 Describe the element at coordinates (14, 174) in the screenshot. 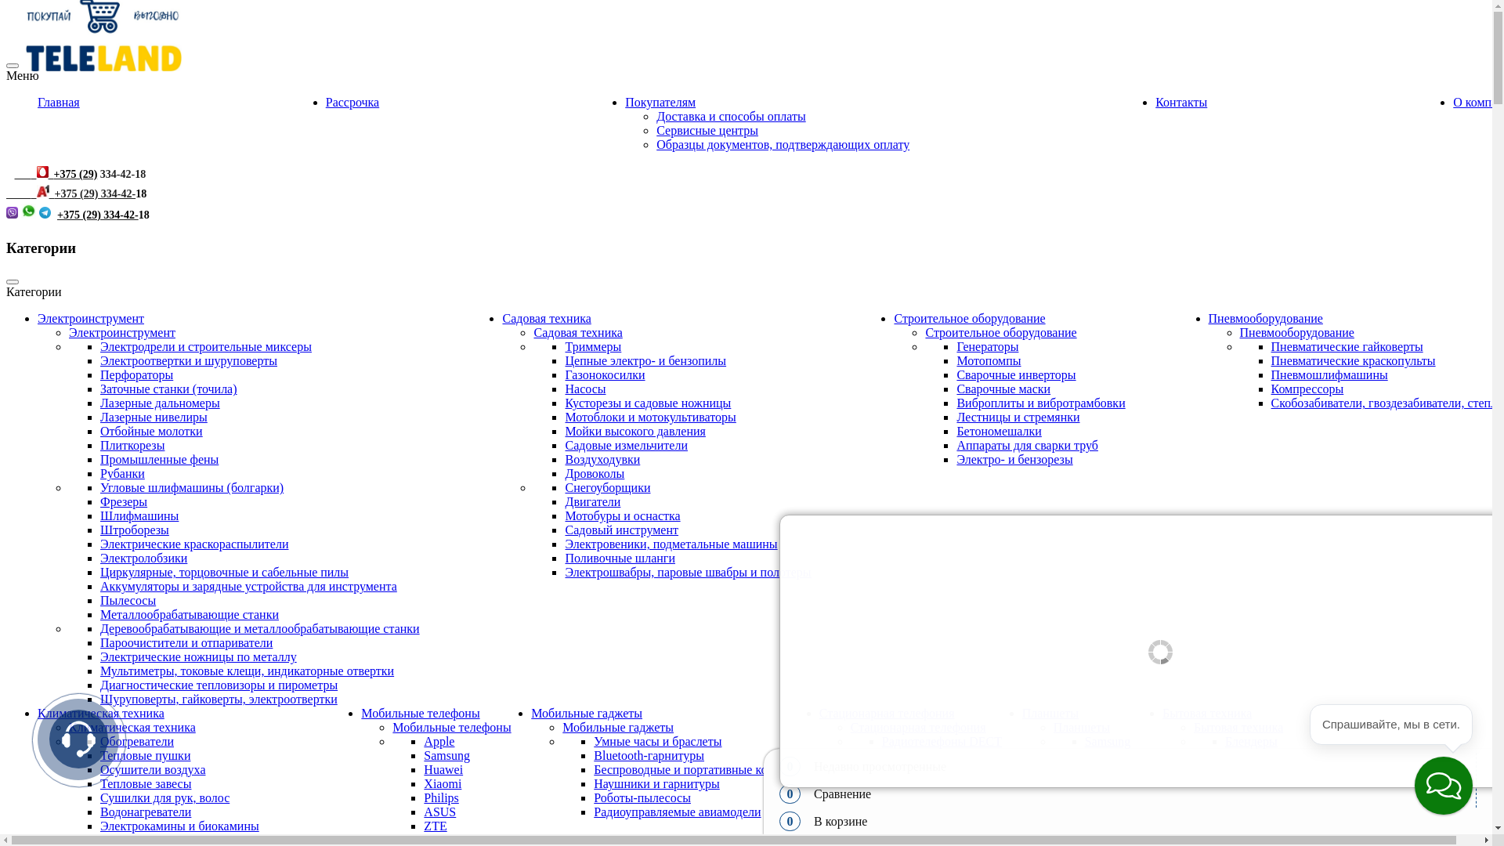

I see `'     '` at that location.